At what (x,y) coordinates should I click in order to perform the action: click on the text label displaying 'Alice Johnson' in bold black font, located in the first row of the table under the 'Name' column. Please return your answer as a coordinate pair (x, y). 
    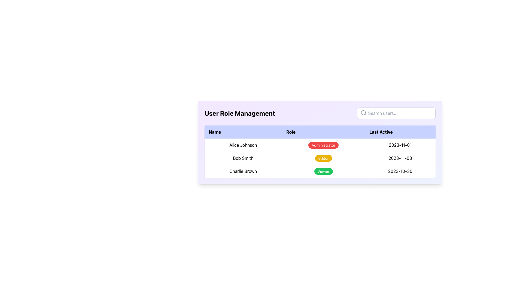
    Looking at the image, I should click on (243, 145).